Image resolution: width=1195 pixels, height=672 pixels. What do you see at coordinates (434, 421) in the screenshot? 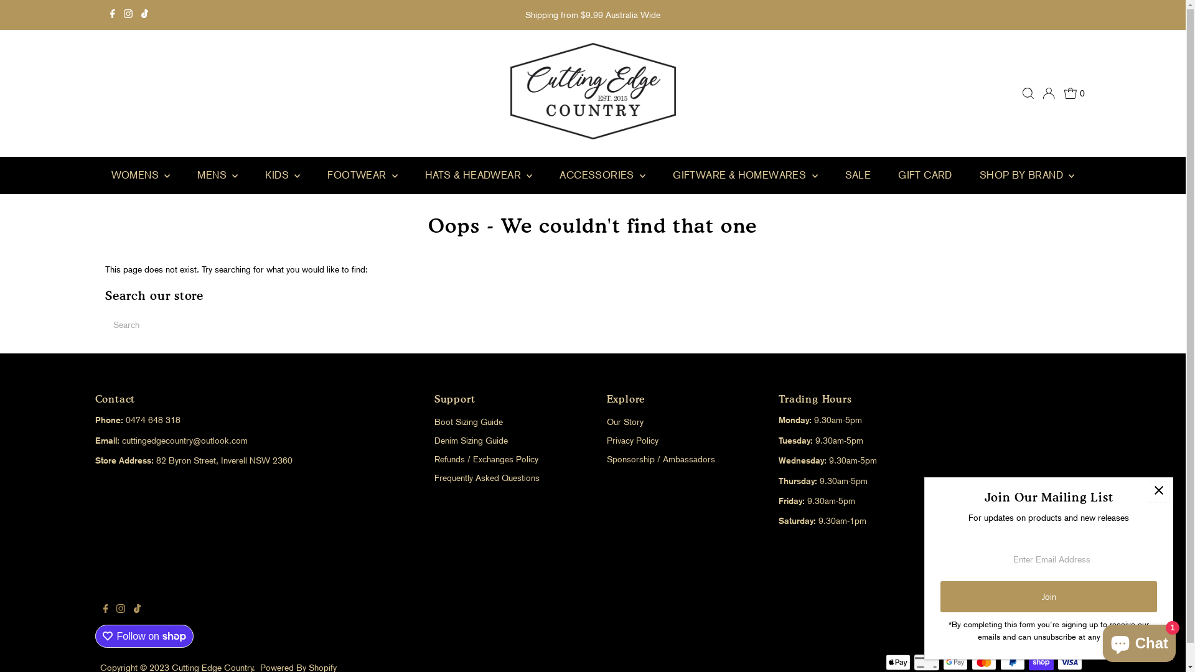
I see `'Boot Sizing Guide'` at bounding box center [434, 421].